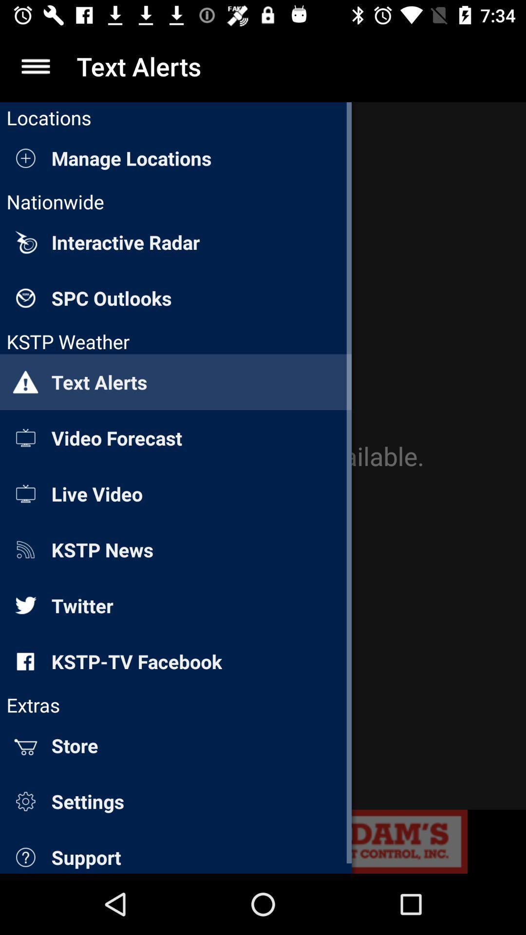  I want to click on the app to the left of the text alerts item, so click(35, 66).